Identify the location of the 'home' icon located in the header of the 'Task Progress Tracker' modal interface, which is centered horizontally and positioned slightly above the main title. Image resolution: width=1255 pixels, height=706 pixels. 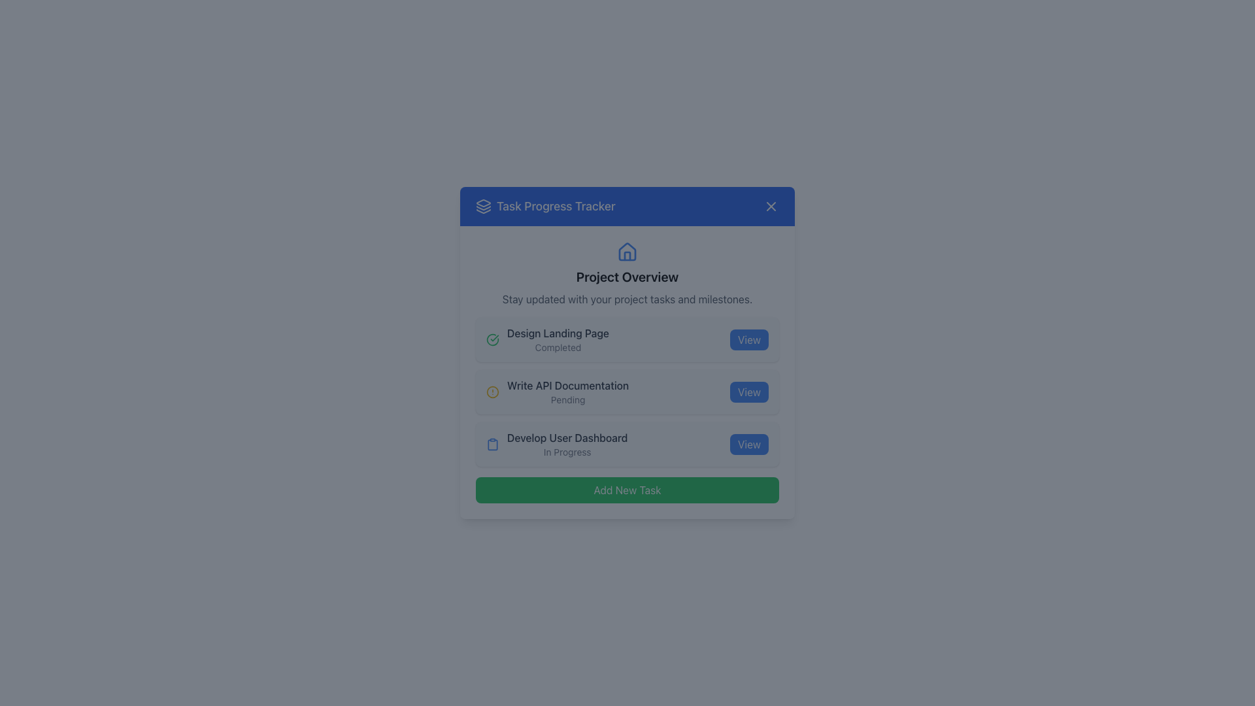
(627, 252).